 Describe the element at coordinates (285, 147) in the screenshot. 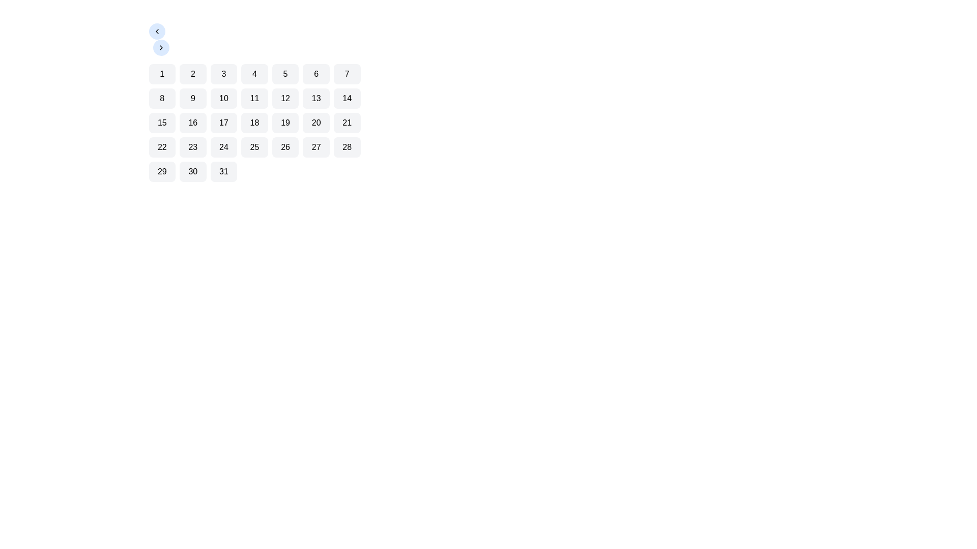

I see `the button labeled '26' which has a rounded square appearance and a light gray background` at that location.